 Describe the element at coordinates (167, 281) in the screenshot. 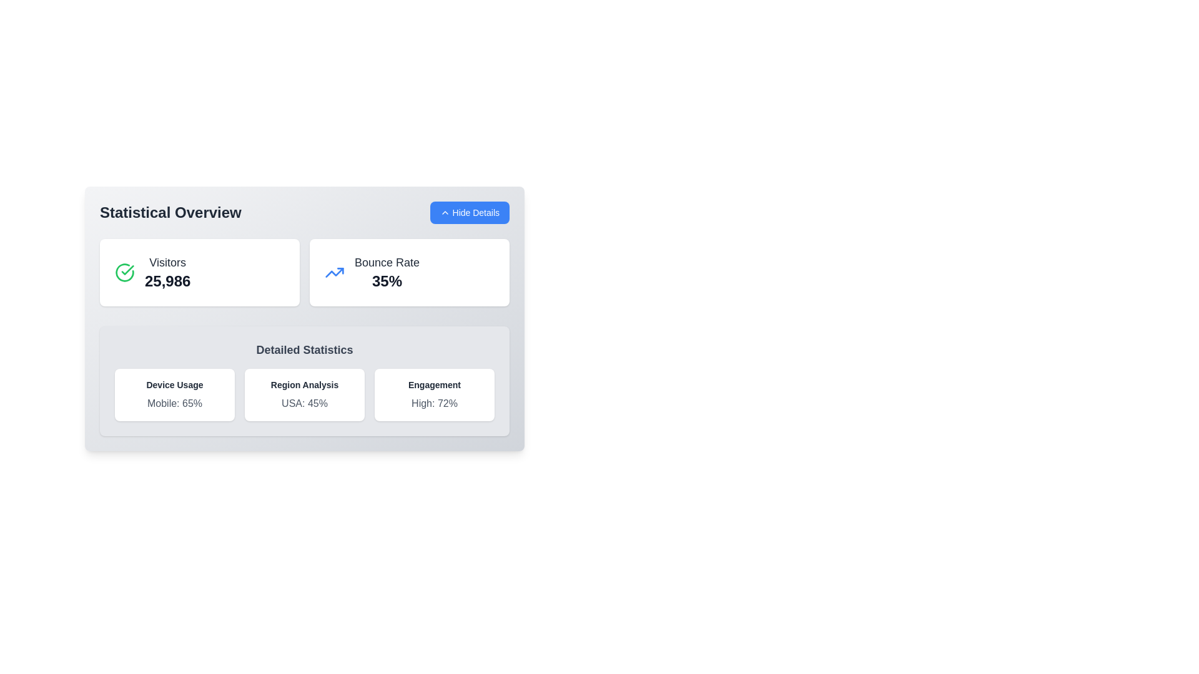

I see `the static text displaying '25,986' located under the 'Visitors' label in the top-left section of the interface` at that location.